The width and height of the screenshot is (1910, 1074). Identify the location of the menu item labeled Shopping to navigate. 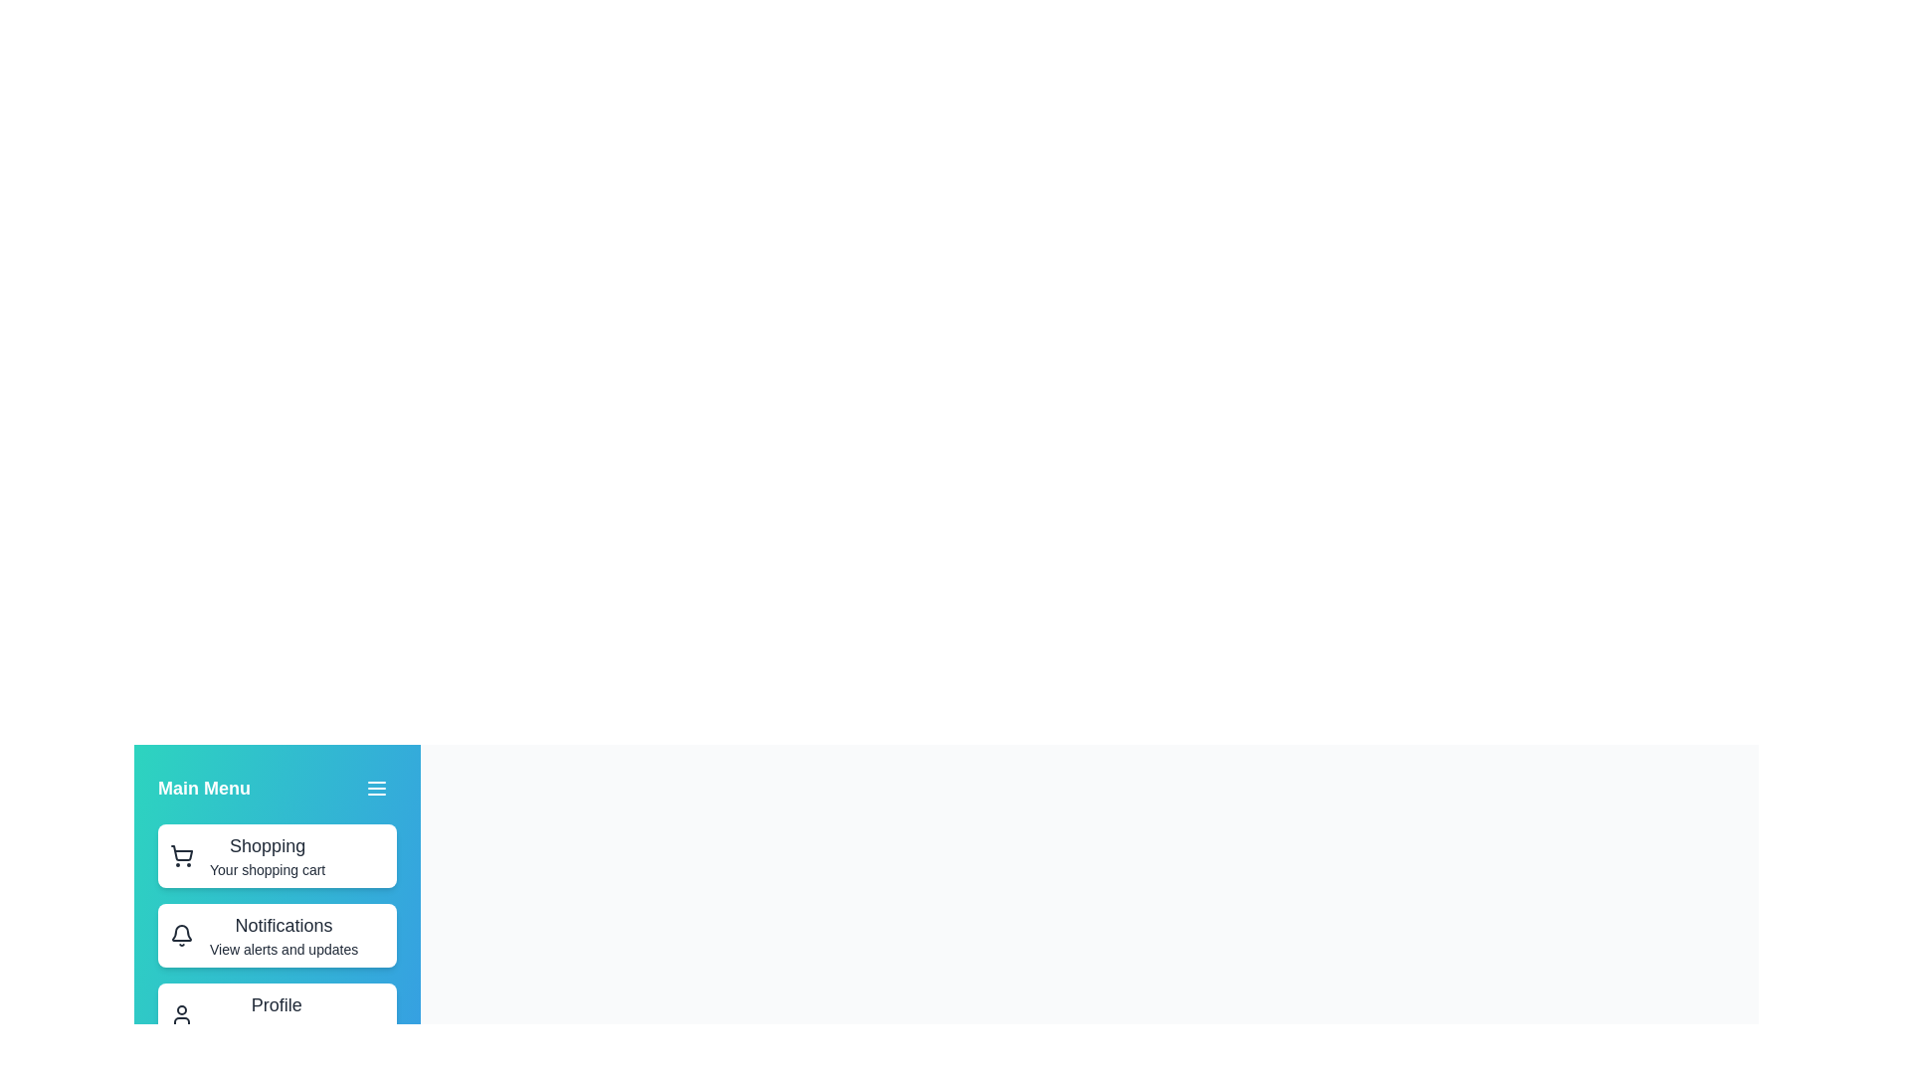
(276, 854).